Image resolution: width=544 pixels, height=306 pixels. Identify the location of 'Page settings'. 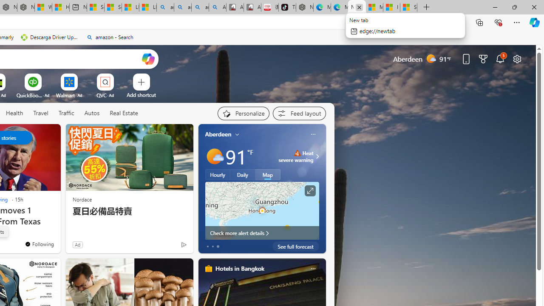
(516, 58).